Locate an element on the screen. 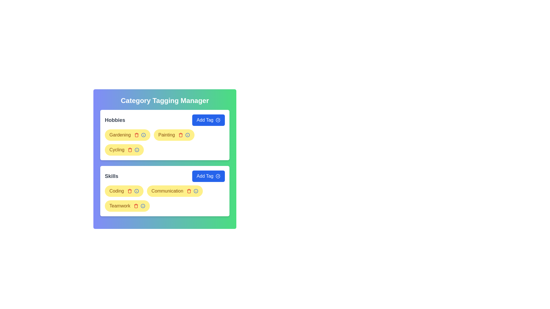  the delete button with a yellow background and rounded edges located to the right of the 'Gardening' text in the 'Hobbies' category is located at coordinates (136, 135).